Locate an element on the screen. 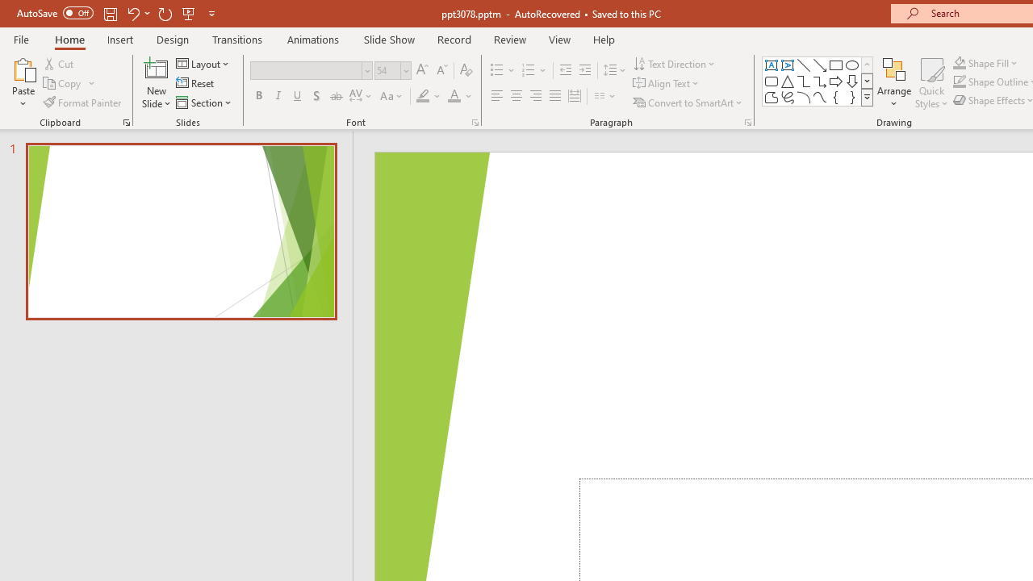  'File Tab' is located at coordinates (21, 38).